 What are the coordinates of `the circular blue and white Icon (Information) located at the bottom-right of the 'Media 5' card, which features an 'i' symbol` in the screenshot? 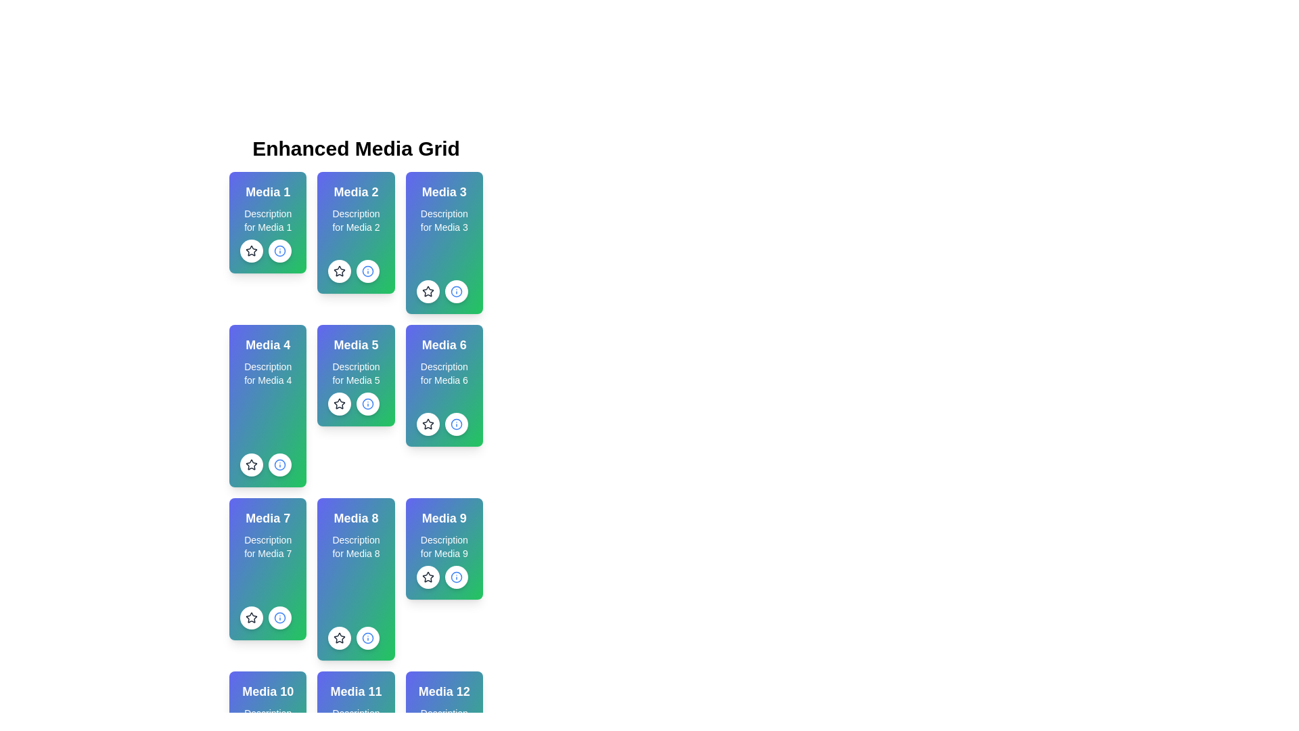 It's located at (368, 271).